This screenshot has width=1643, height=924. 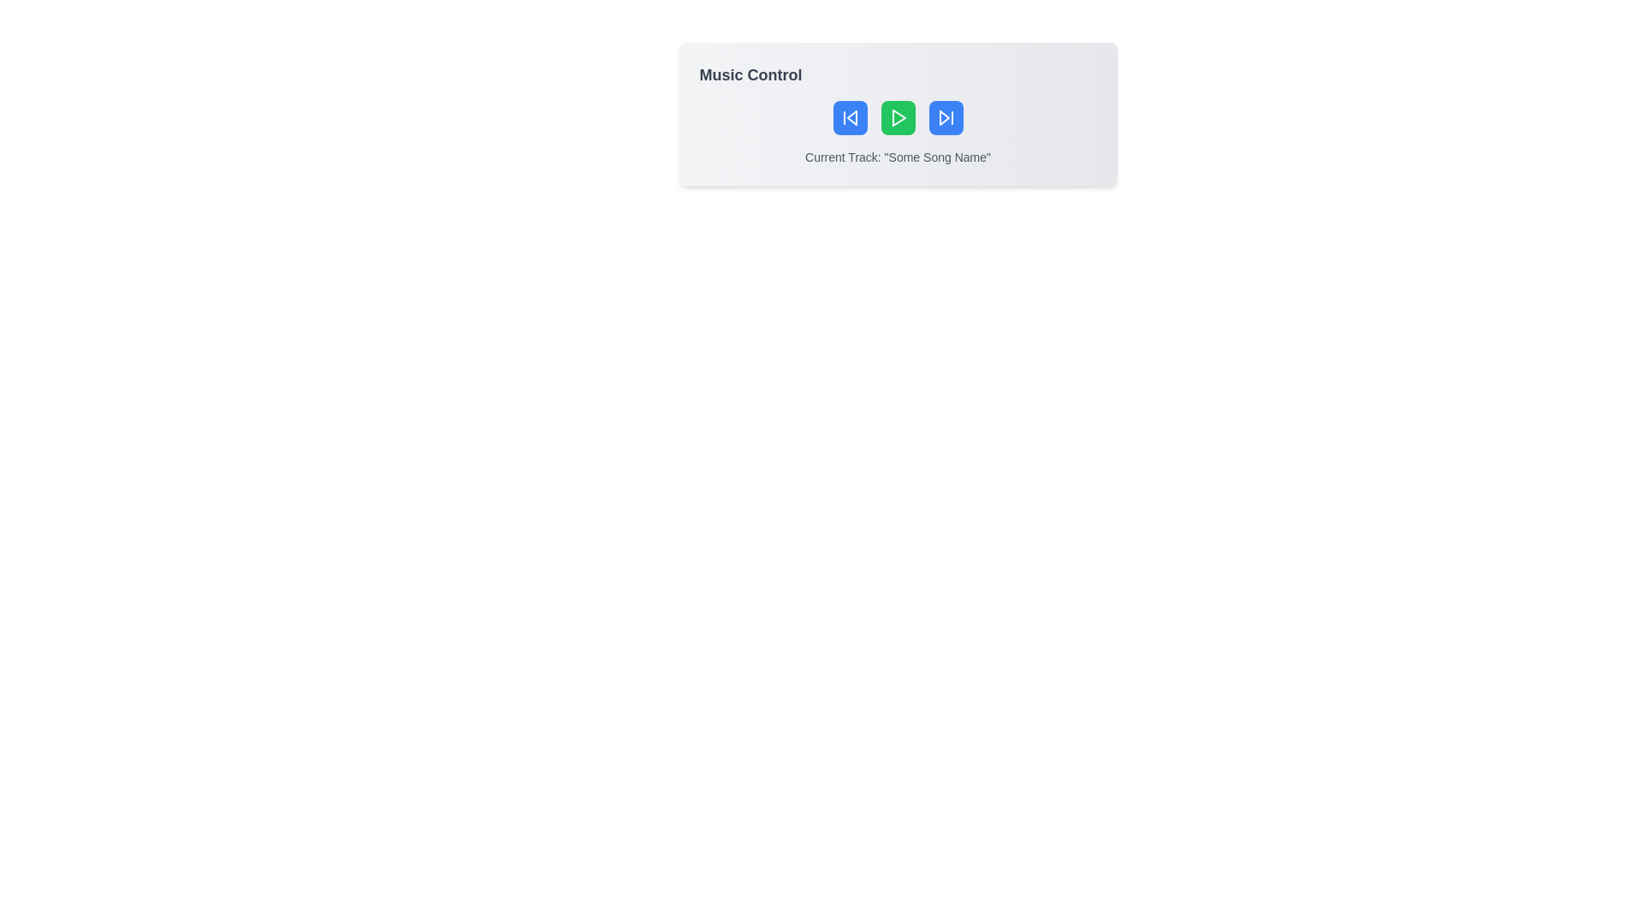 I want to click on the play button in the music control interface to visualize the hover effect, so click(x=897, y=117).